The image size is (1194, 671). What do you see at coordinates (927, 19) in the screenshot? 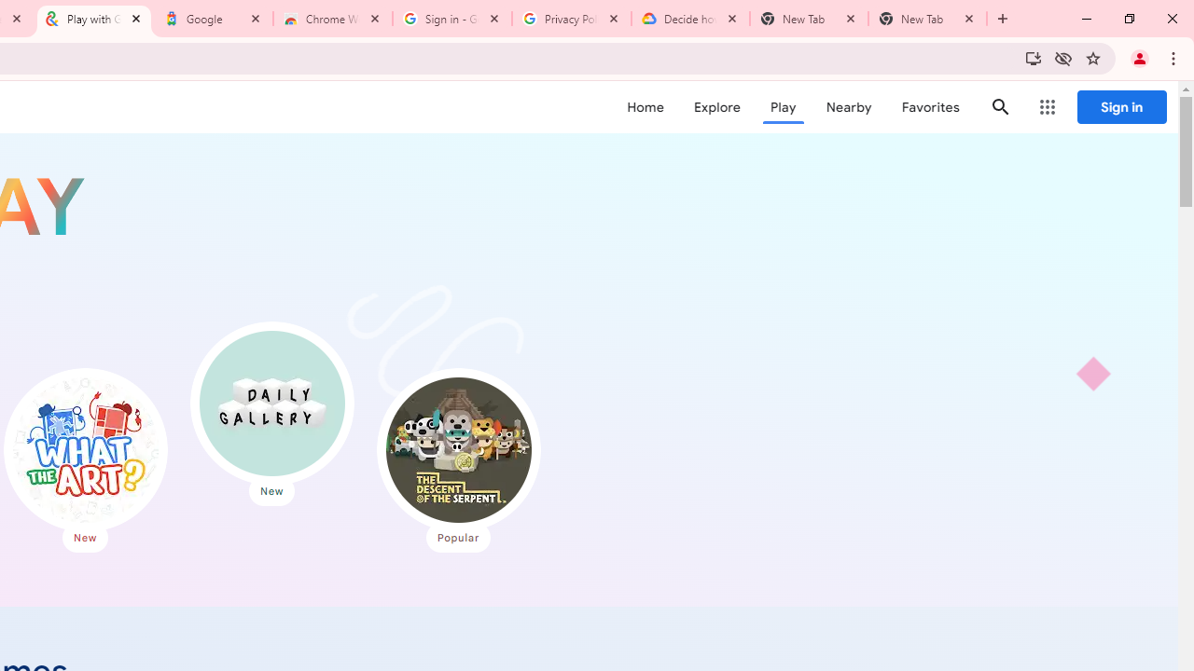
I see `'New Tab'` at bounding box center [927, 19].